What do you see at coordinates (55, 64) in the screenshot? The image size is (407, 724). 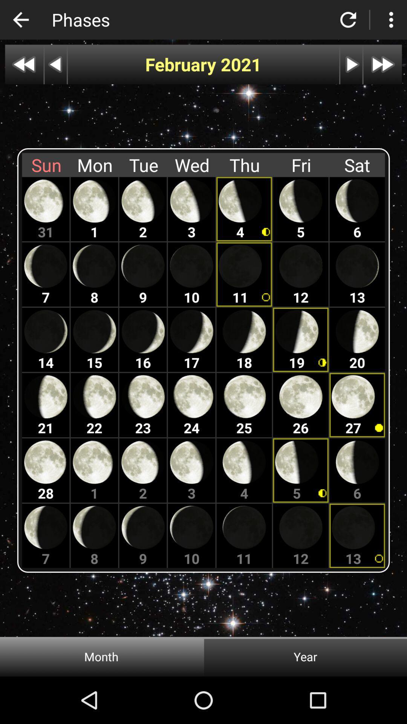 I see `preview button` at bounding box center [55, 64].